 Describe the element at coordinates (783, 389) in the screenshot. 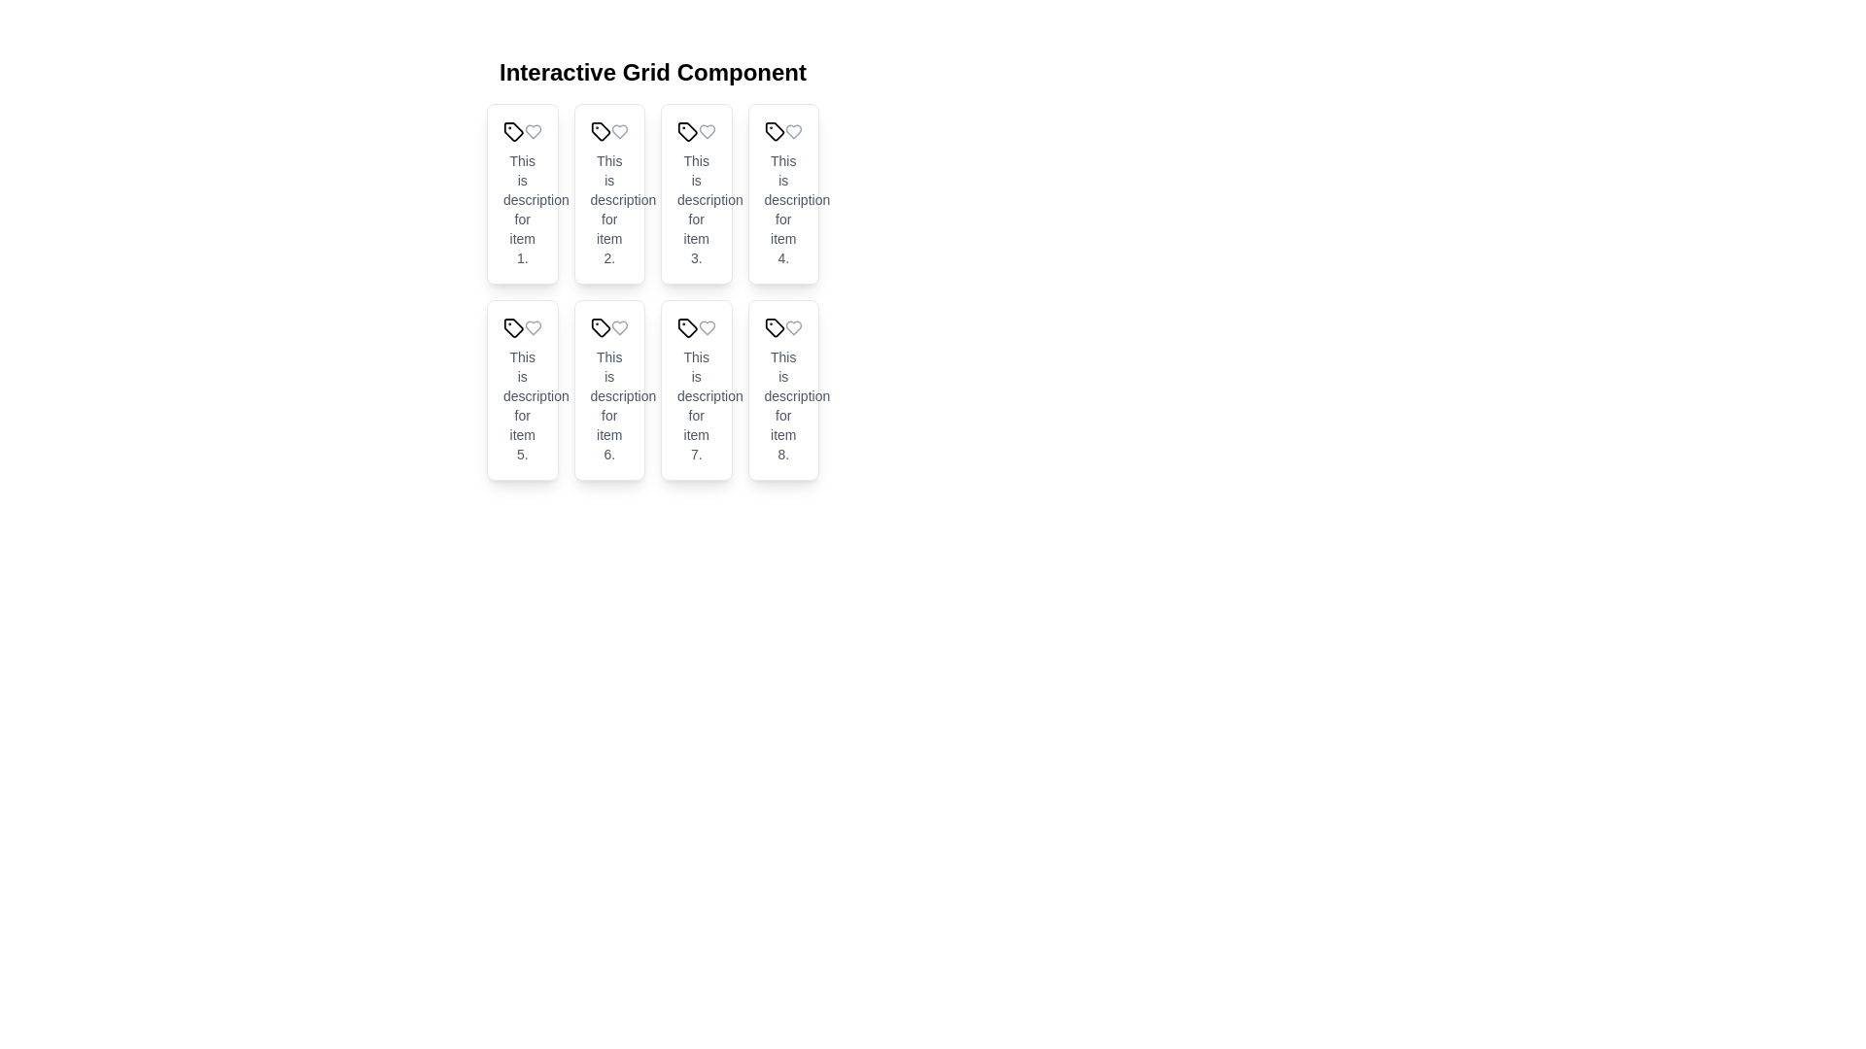

I see `the item tile displaying information about 'item 8'` at that location.